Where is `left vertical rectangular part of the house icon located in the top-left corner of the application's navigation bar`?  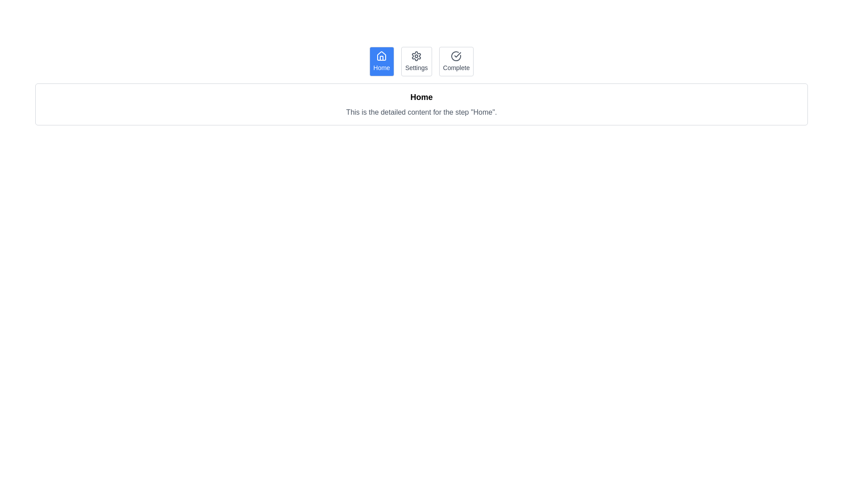 left vertical rectangular part of the house icon located in the top-left corner of the application's navigation bar is located at coordinates (382, 58).